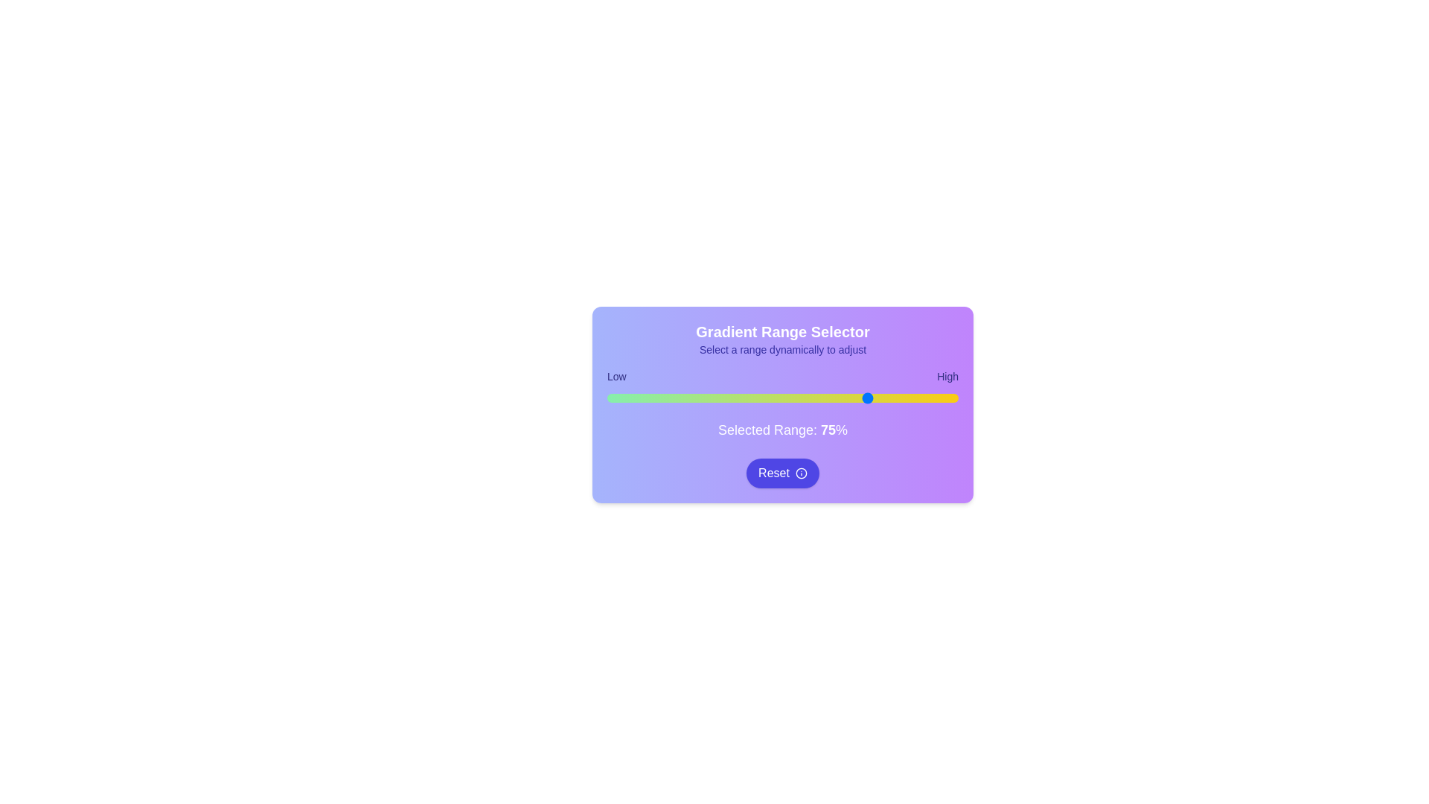 This screenshot has width=1429, height=804. Describe the element at coordinates (781, 473) in the screenshot. I see `the 'Reset' button to reset the range to 50%` at that location.